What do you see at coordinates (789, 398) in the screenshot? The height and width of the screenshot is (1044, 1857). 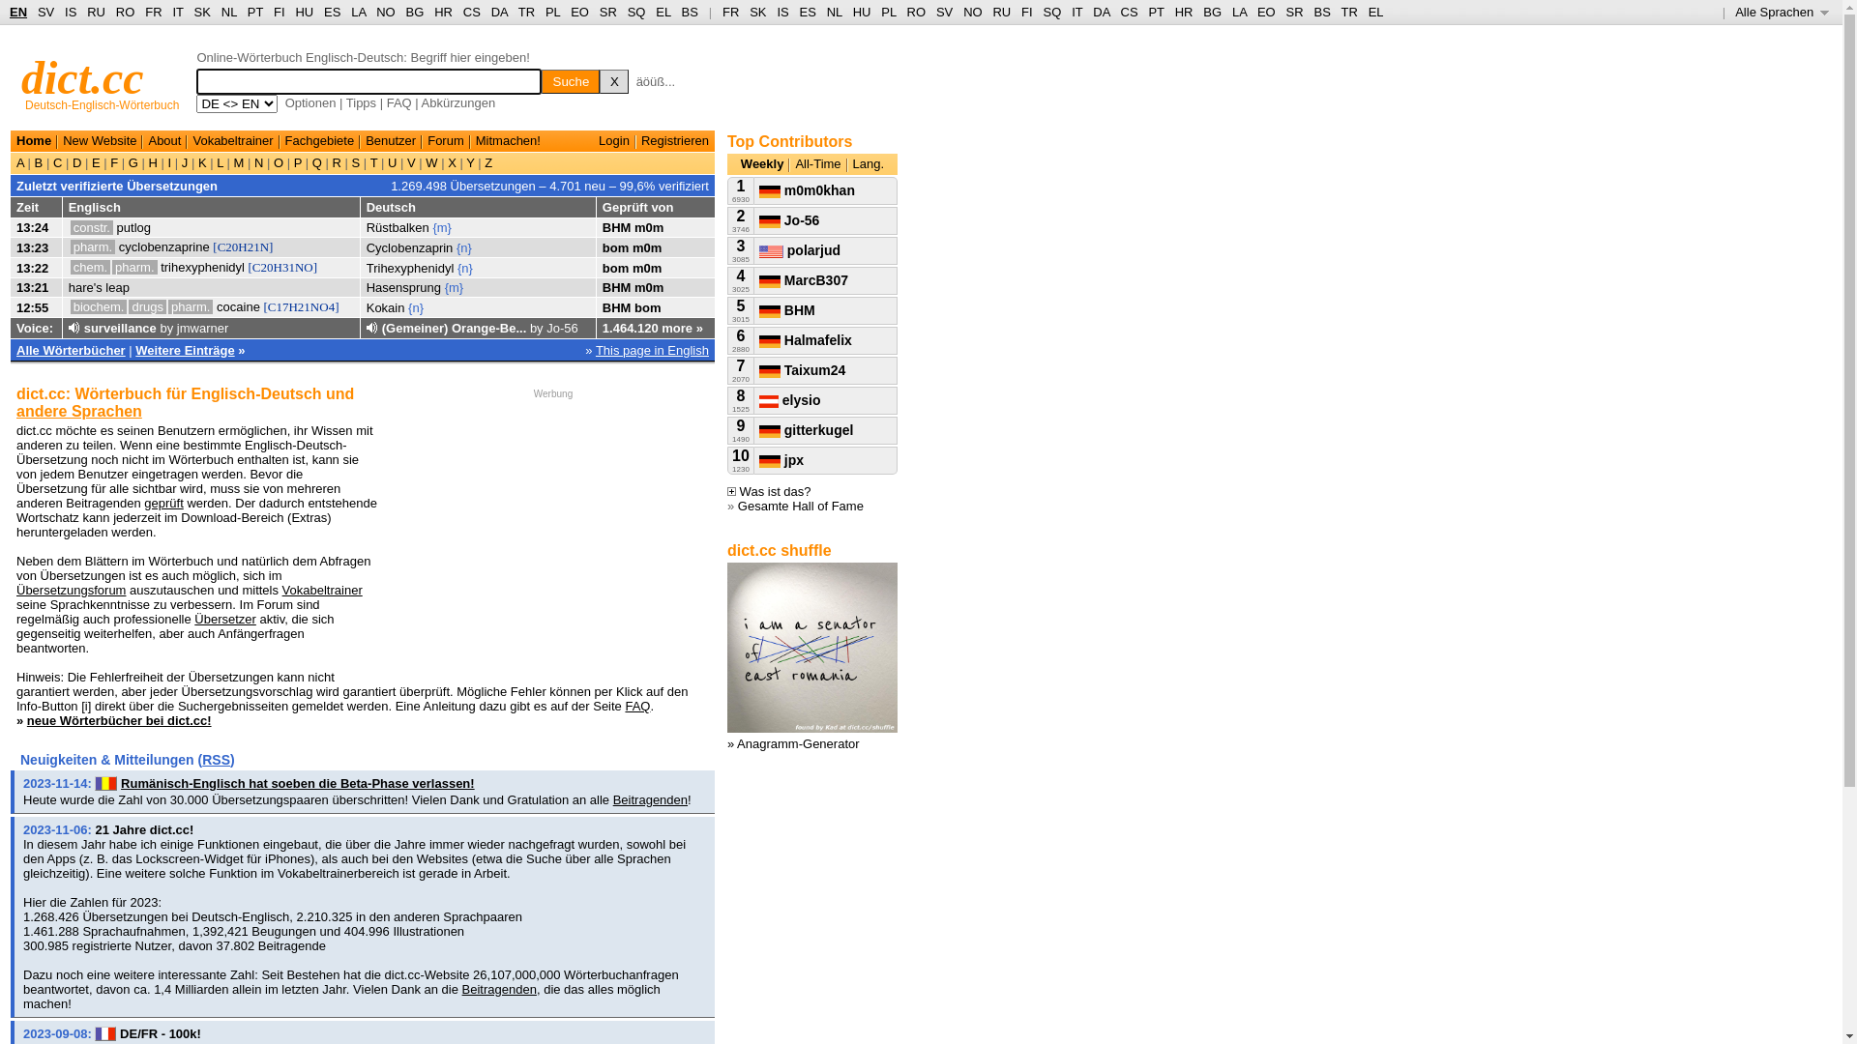 I see `'elysio'` at bounding box center [789, 398].